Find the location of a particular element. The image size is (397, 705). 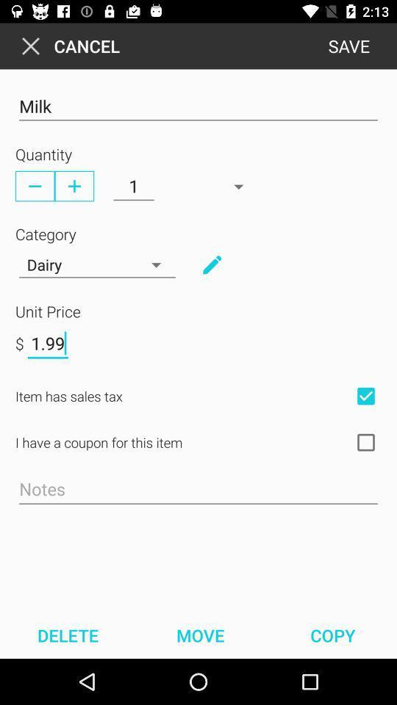

item coupon indicator is located at coordinates (365, 441).